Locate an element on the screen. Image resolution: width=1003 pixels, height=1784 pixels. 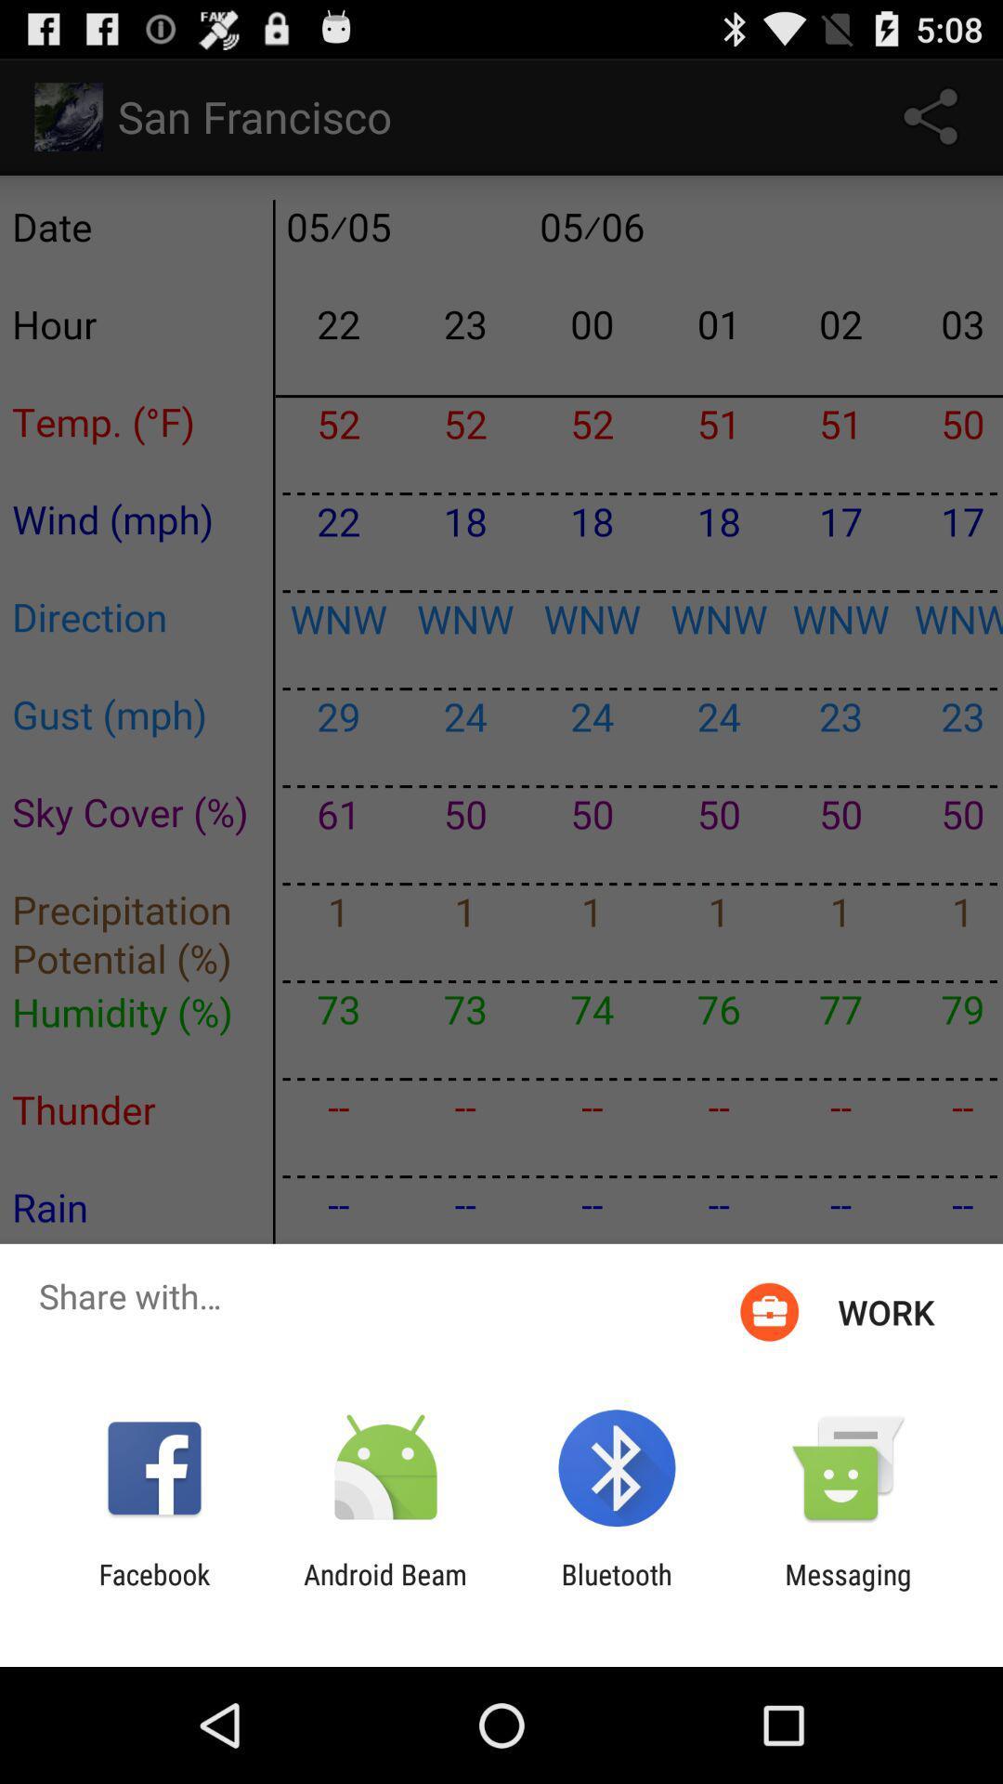
the messaging item is located at coordinates (848, 1590).